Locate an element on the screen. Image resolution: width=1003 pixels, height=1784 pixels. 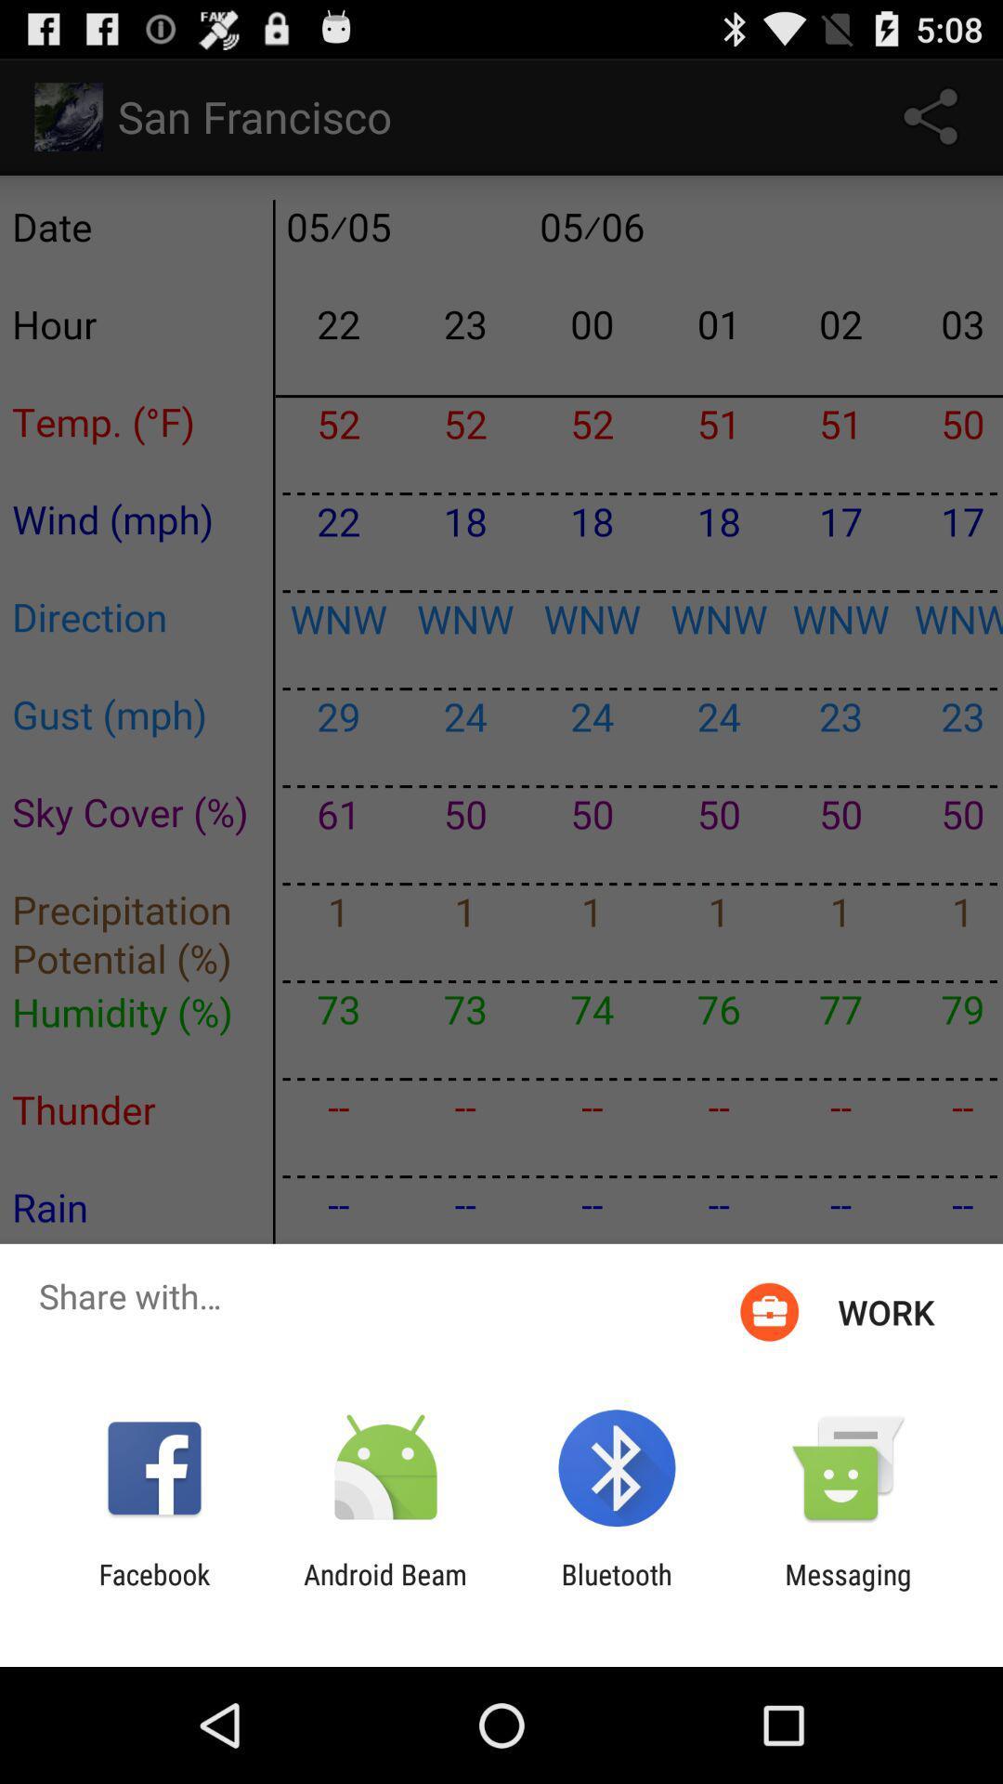
the messaging item is located at coordinates (848, 1590).